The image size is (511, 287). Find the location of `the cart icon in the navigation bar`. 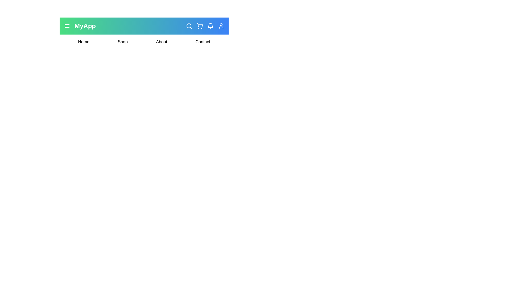

the cart icon in the navigation bar is located at coordinates (199, 26).